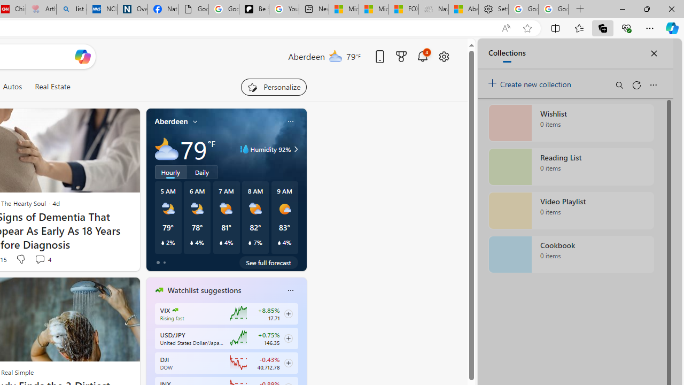 The image size is (684, 385). What do you see at coordinates (12, 86) in the screenshot?
I see `'Autos'` at bounding box center [12, 86].